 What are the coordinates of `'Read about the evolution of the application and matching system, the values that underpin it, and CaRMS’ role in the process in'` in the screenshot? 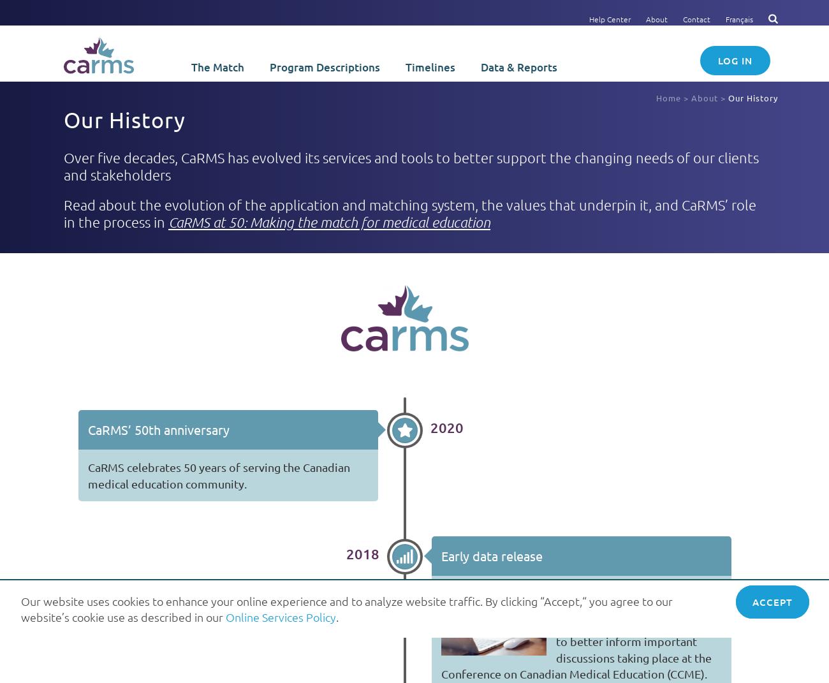 It's located at (409, 212).